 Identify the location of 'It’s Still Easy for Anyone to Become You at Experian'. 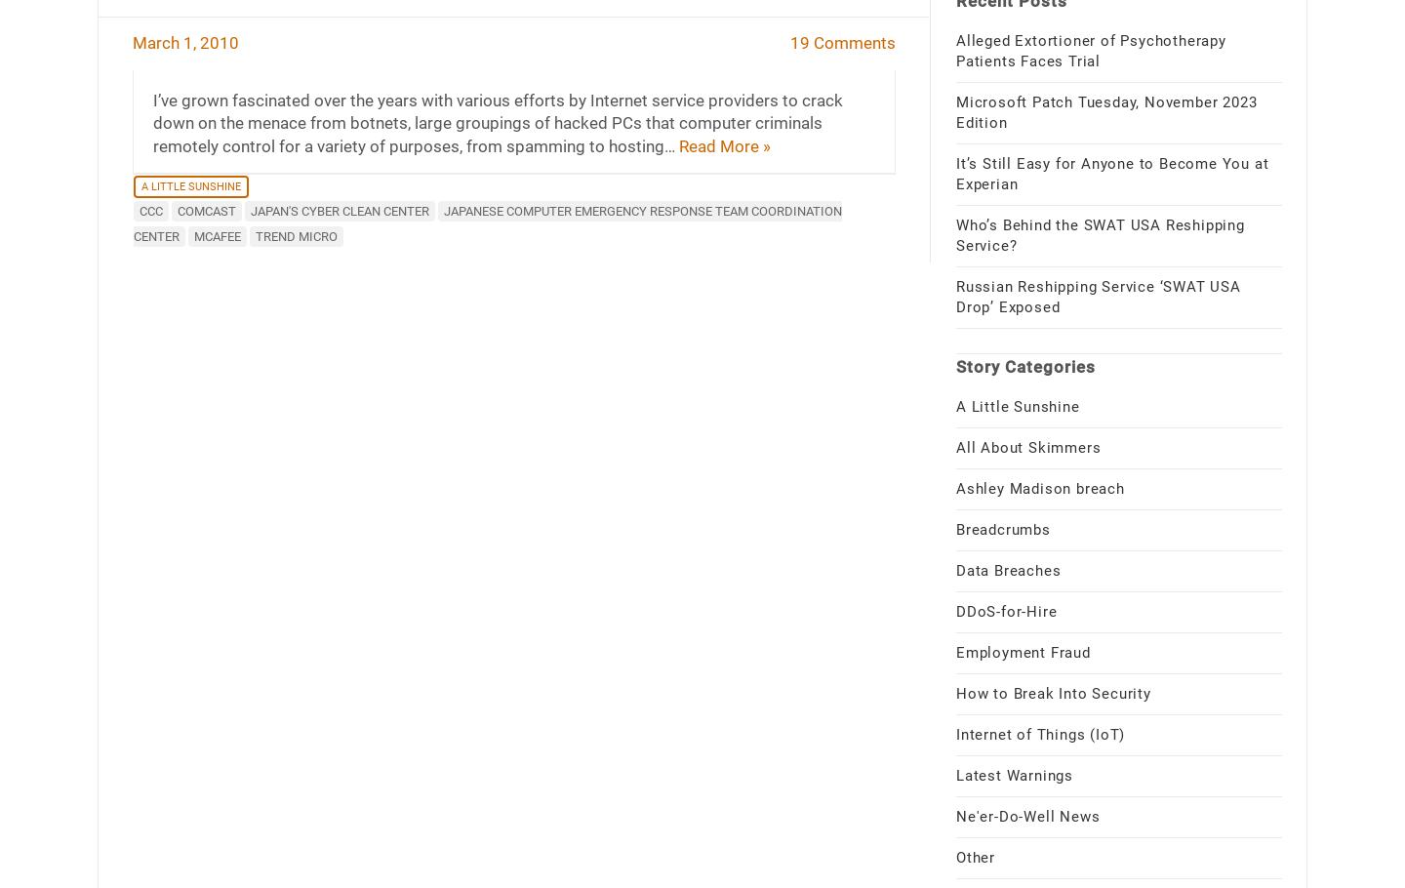
(1111, 173).